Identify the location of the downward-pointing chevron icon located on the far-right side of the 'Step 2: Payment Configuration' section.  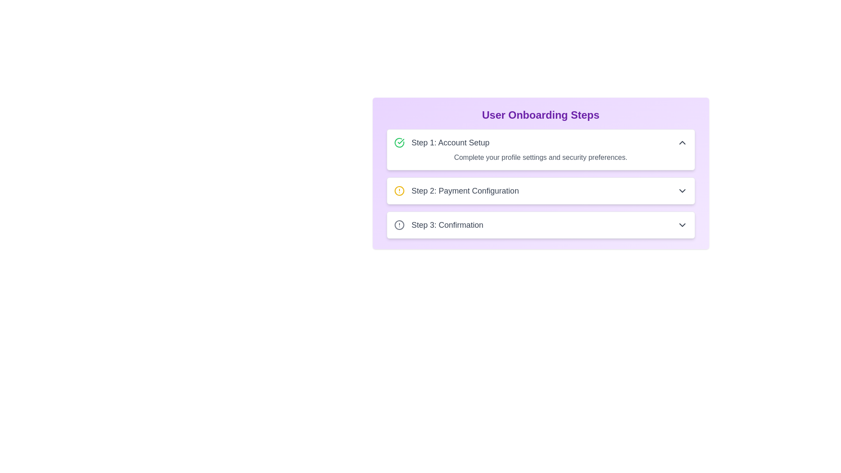
(682, 190).